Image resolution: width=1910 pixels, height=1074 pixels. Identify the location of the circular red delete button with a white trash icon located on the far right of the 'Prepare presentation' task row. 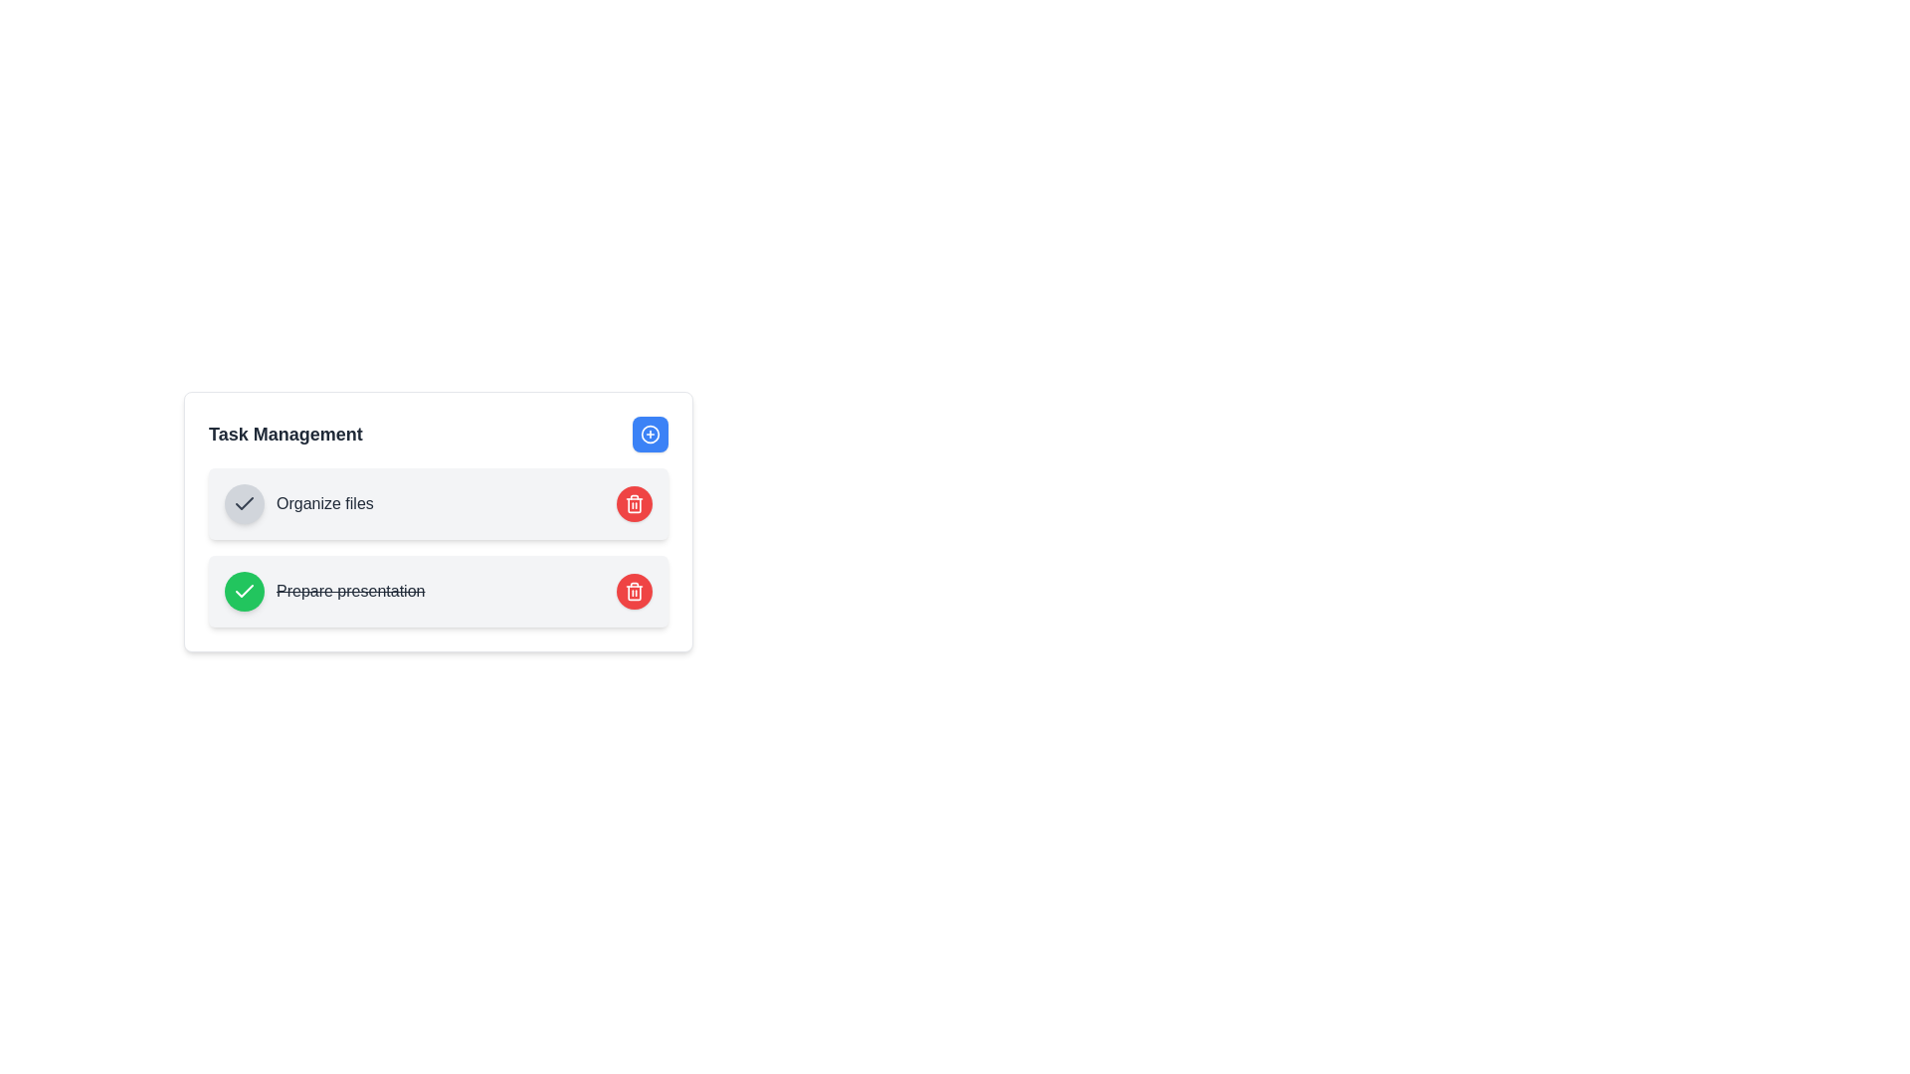
(634, 590).